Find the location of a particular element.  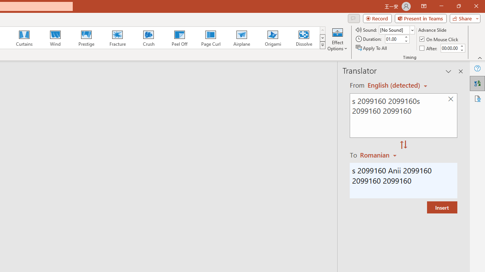

'Page Curl' is located at coordinates (210, 38).